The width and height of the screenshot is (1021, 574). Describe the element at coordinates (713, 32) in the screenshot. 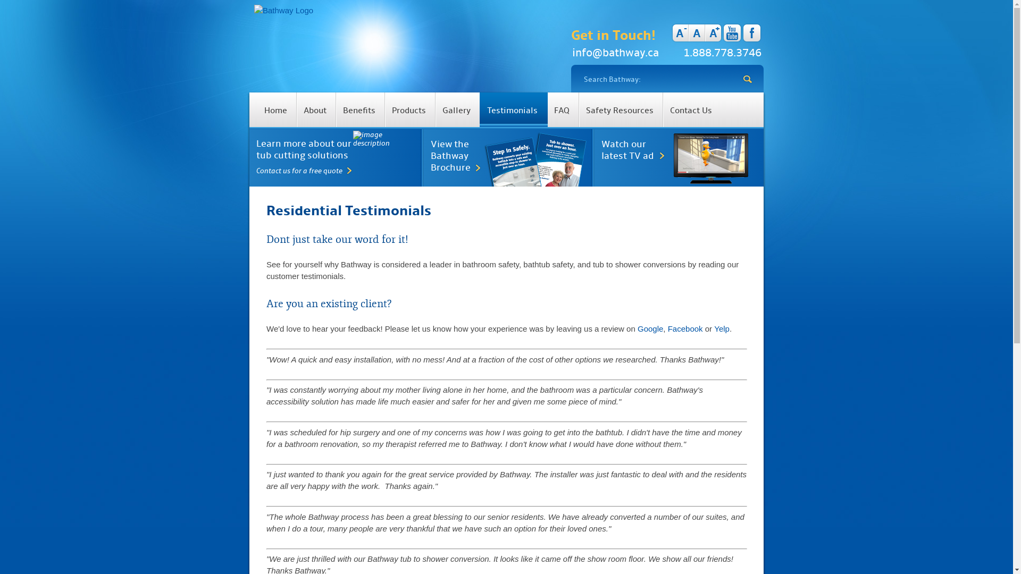

I see `'A` at that location.